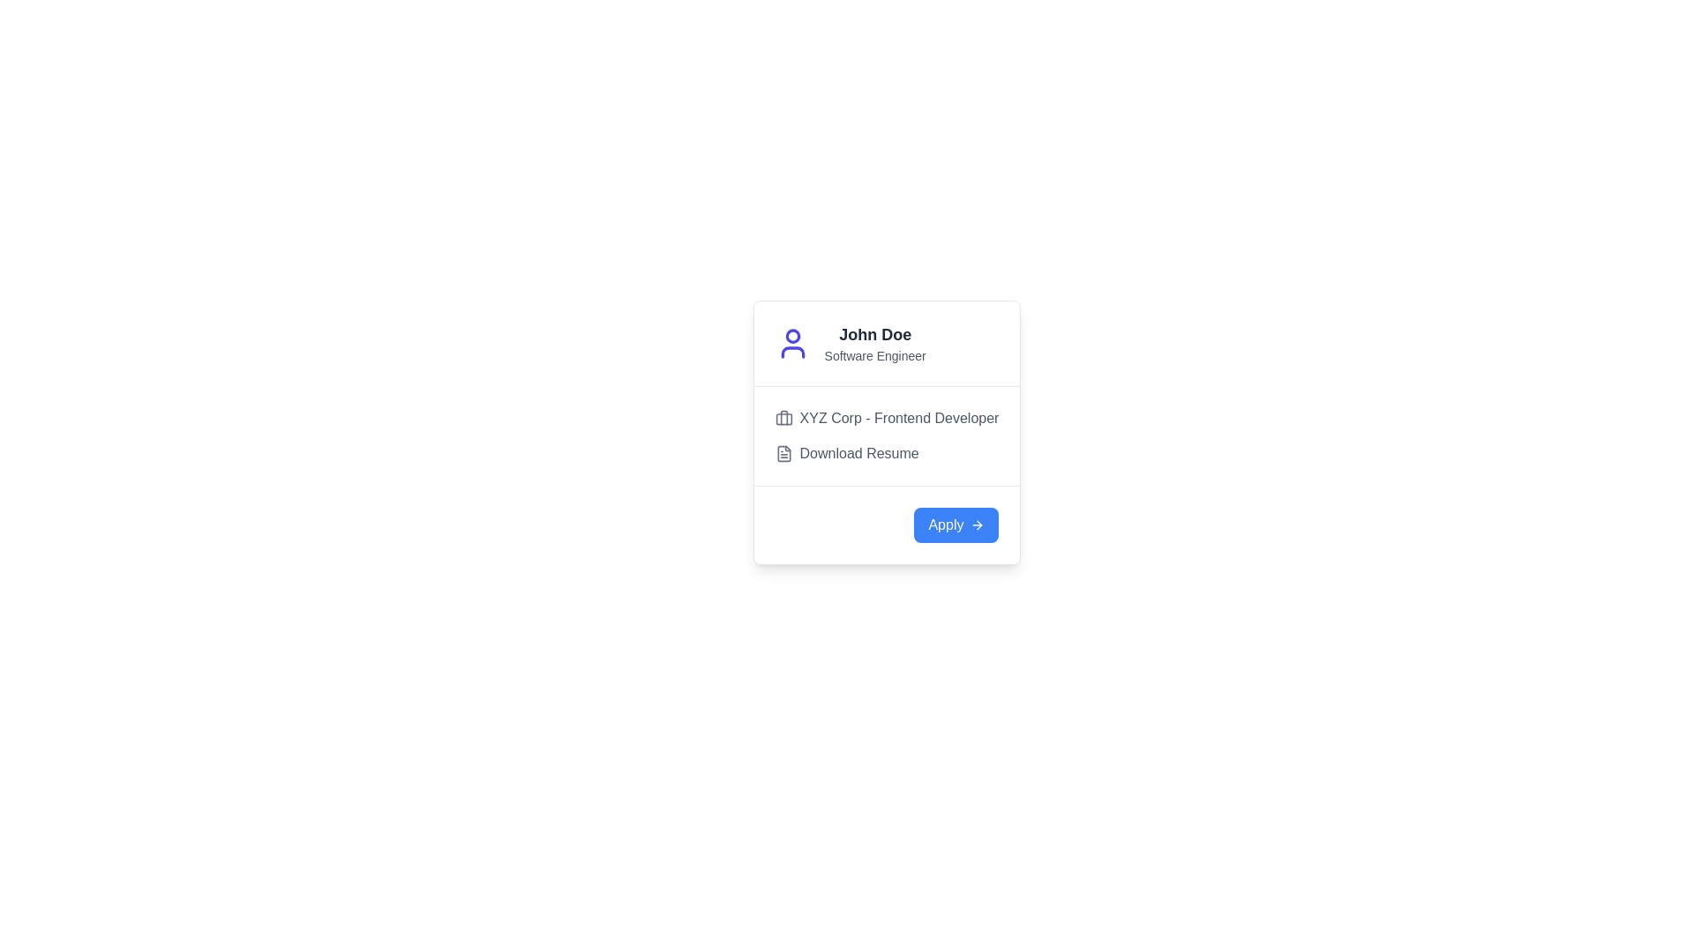 This screenshot has width=1694, height=952. Describe the element at coordinates (887, 343) in the screenshot. I see `name and job title from the Profile header located in the upper section of the card component, above the horizontal divider line` at that location.